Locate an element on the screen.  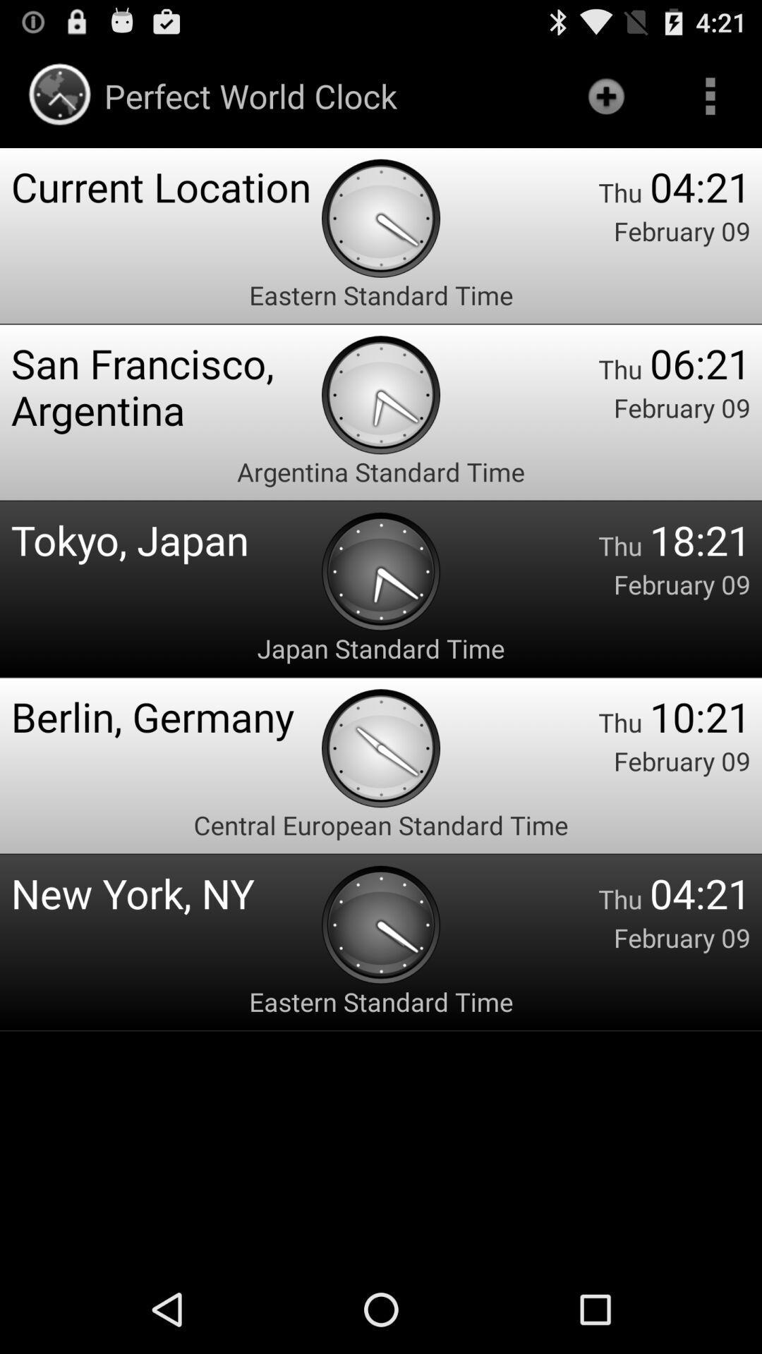
new york, ny item is located at coordinates (165, 892).